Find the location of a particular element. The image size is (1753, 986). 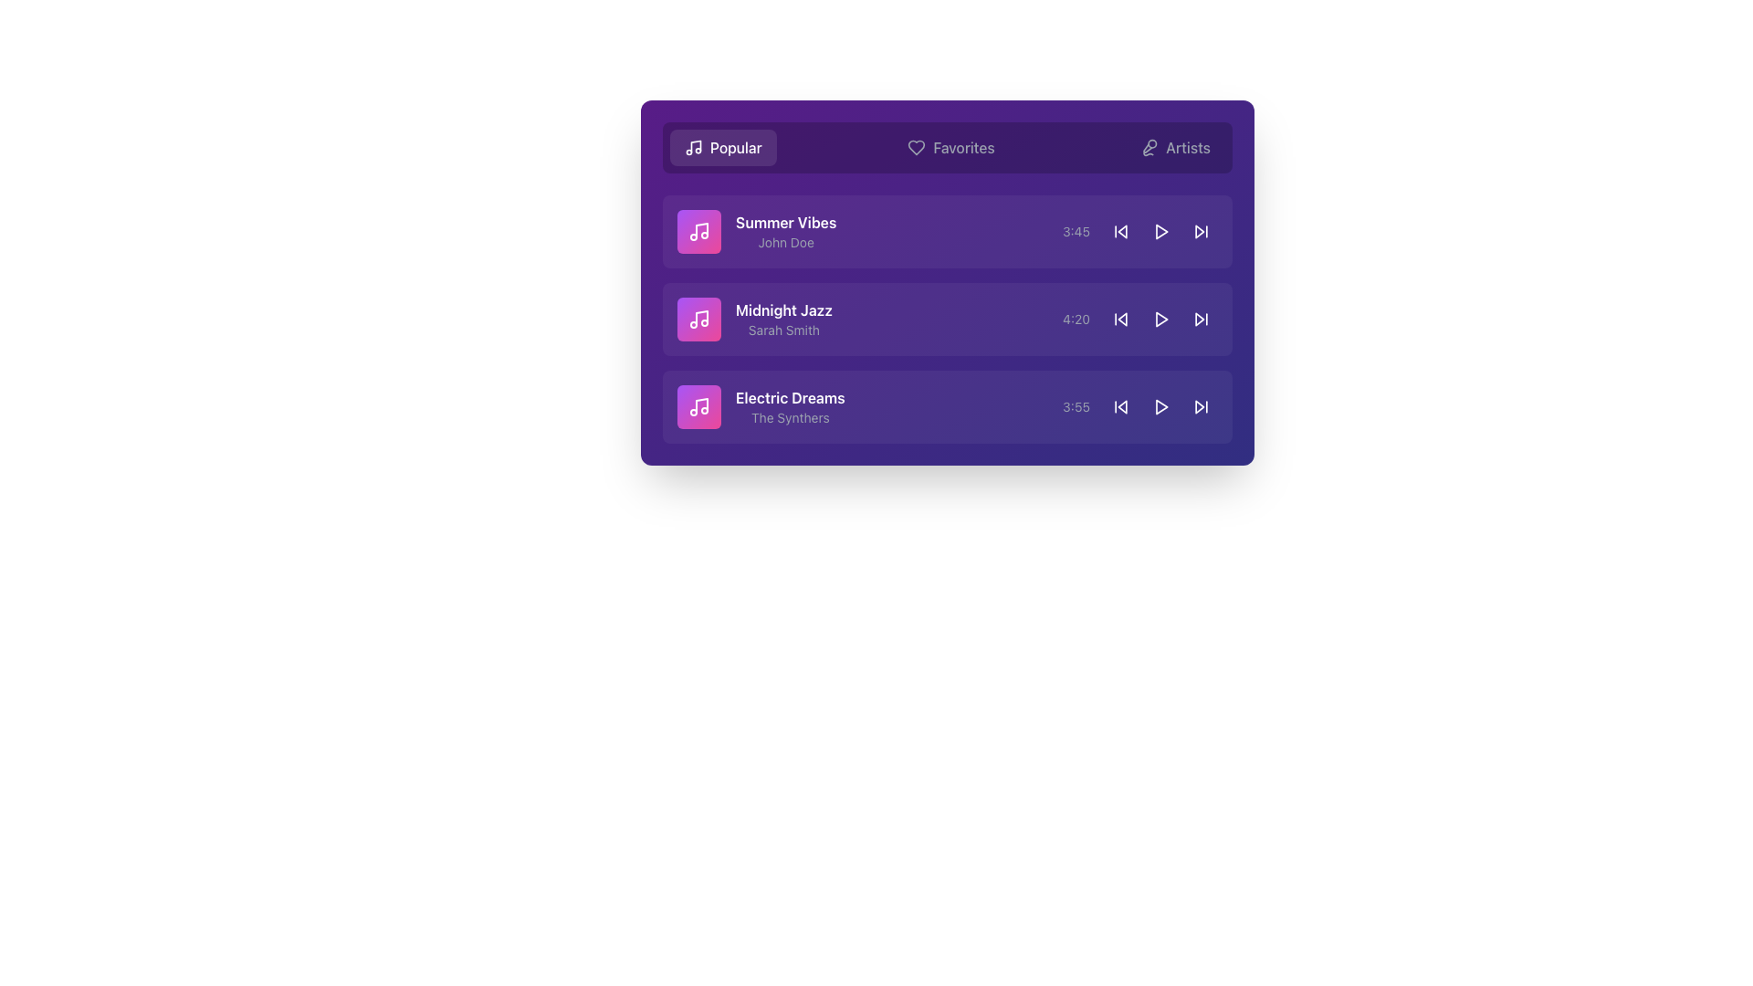

the microphone-shaped icon located to the left of the word 'Artists' in the horizontal menu bar is located at coordinates (1149, 147).